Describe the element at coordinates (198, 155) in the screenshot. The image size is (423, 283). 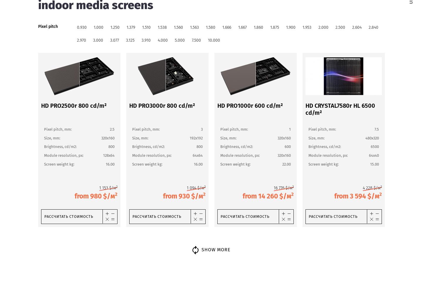
I see `'64x64'` at that location.